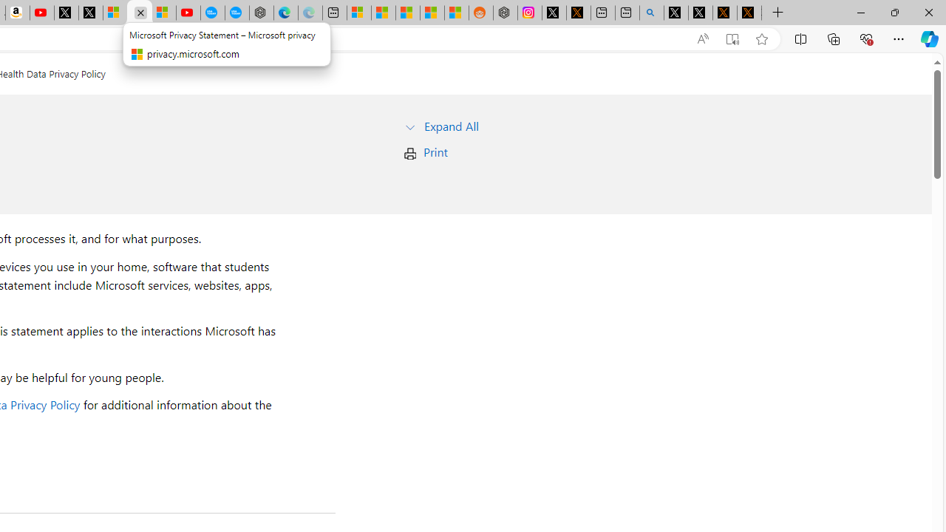  Describe the element at coordinates (408, 13) in the screenshot. I see `'Shanghai, China hourly forecast | Microsoft Weather'` at that location.